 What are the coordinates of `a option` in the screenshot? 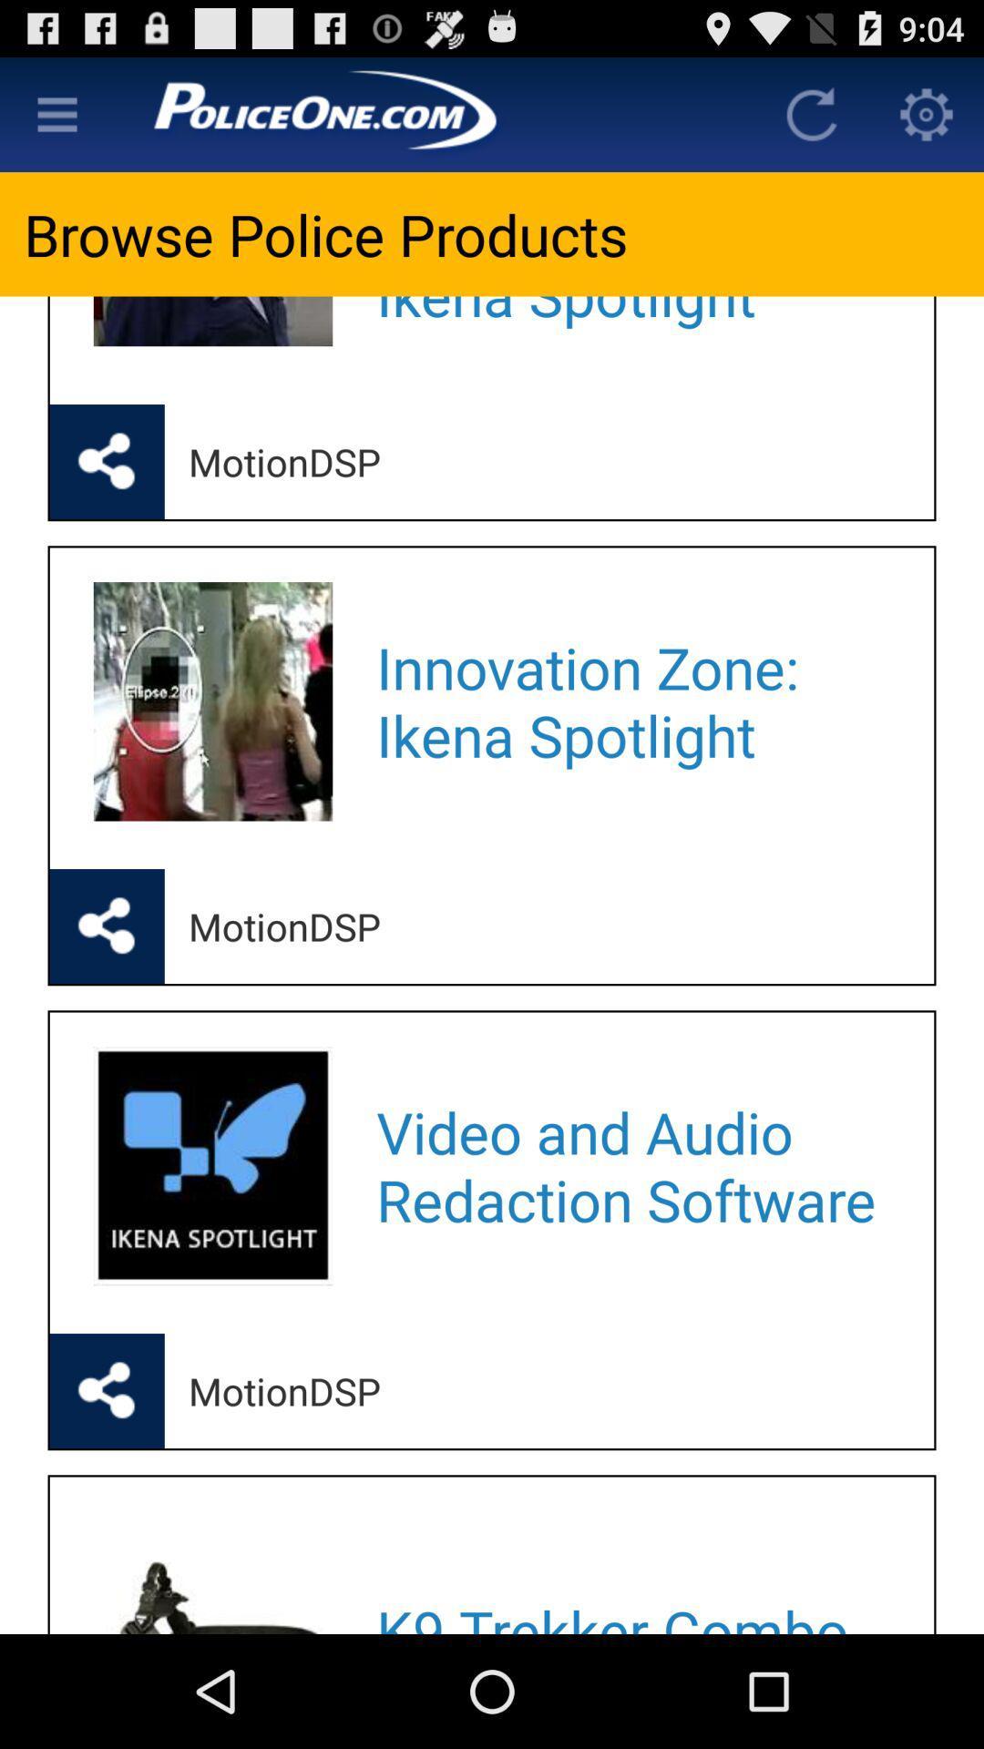 It's located at (56, 113).